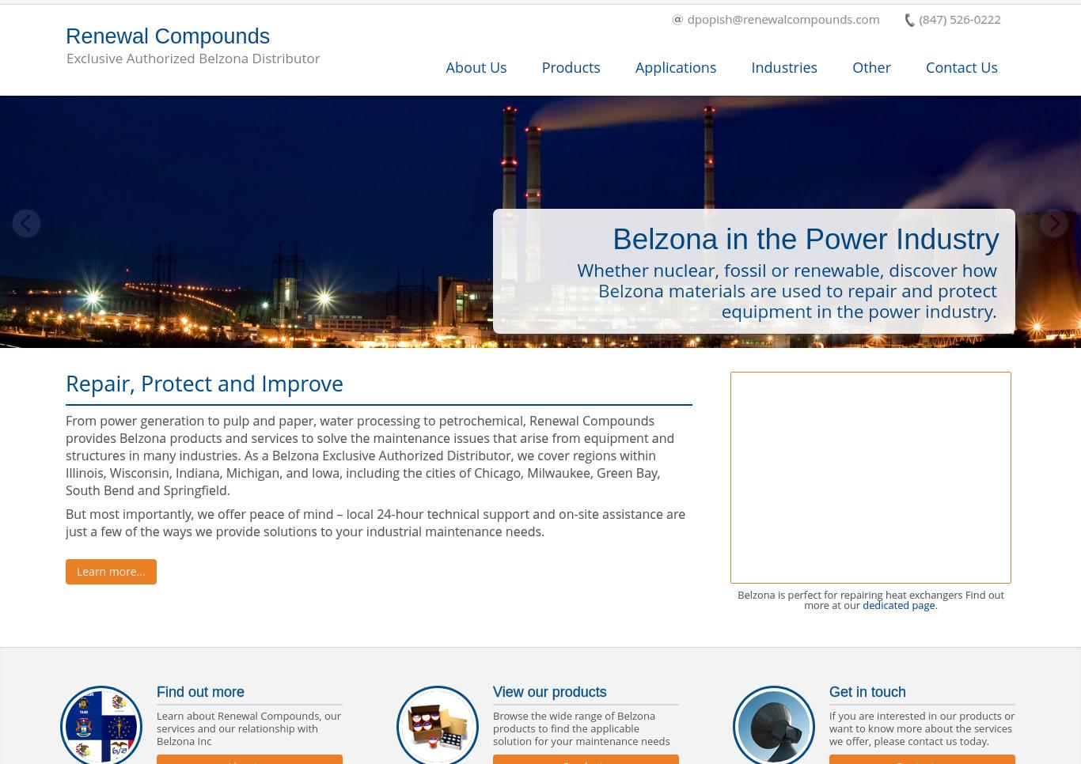  Describe the element at coordinates (787, 289) in the screenshot. I see `'Whether nuclear, fossil or renewable, discover how Belzona materials are used to repair and protect equipment in the power industry.'` at that location.